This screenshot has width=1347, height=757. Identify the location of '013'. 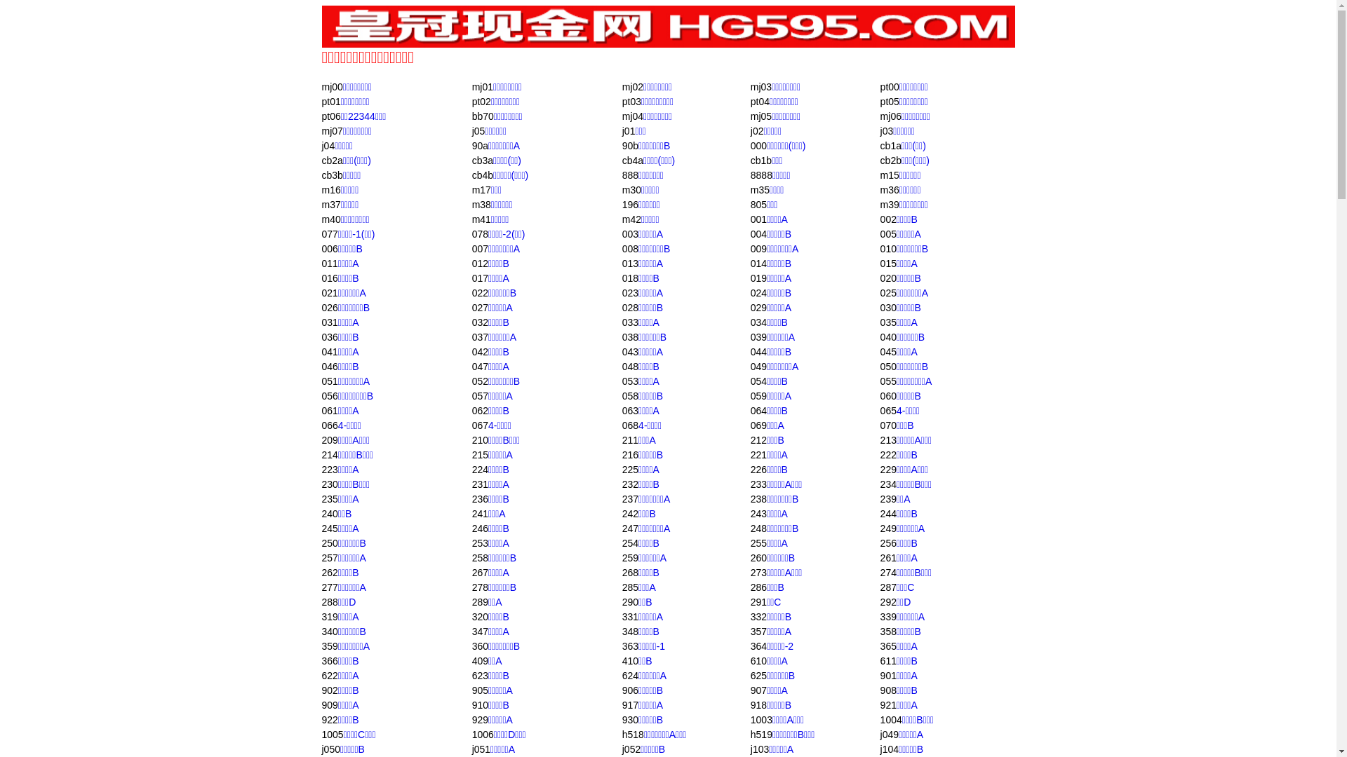
(629, 263).